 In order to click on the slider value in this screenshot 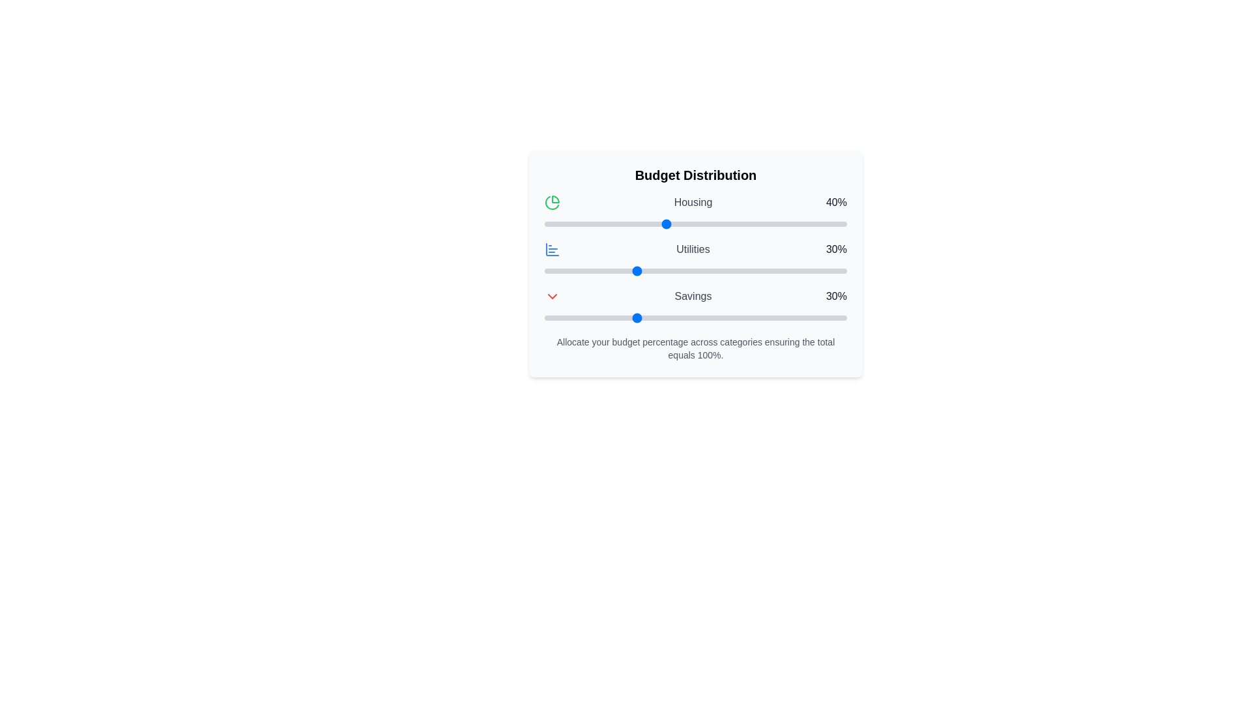, I will do `click(732, 271)`.